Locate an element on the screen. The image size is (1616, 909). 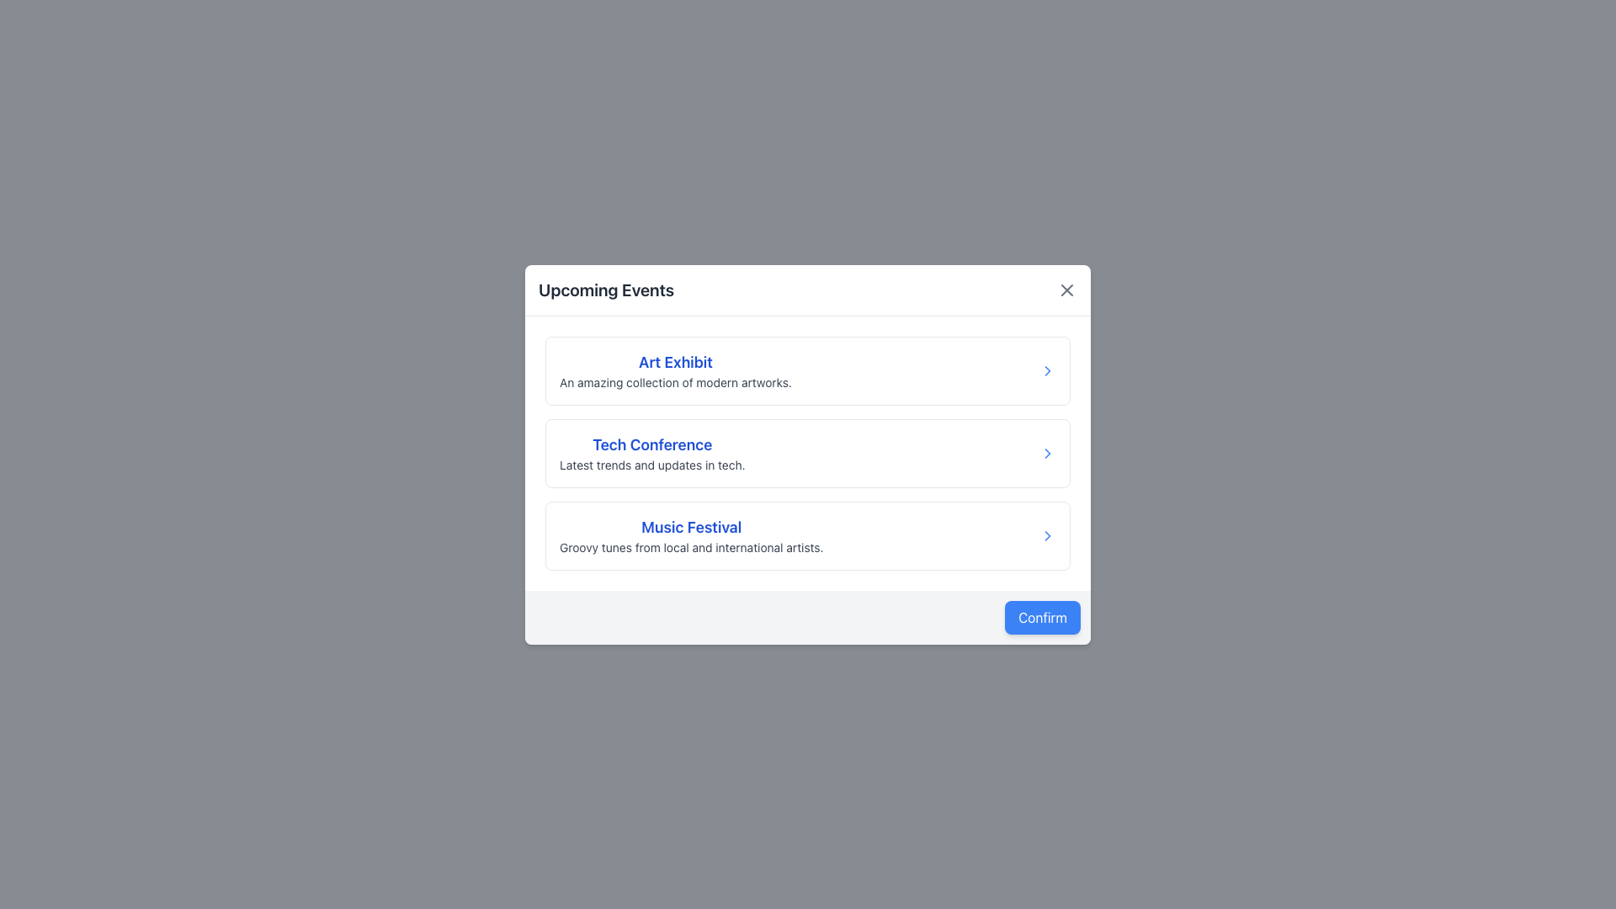
the navigation icon for the 'Tech Conference' entry located on the far right edge of the entry's UI block is located at coordinates (1046, 452).